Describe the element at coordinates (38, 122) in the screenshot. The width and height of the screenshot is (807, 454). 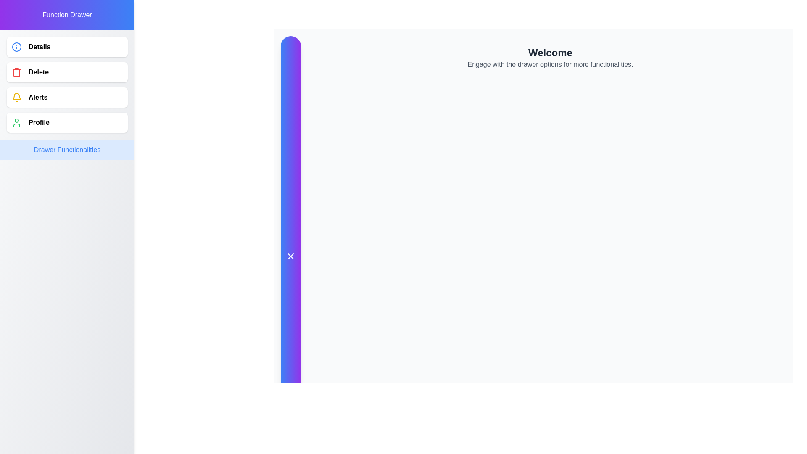
I see `the 'Profile' Text label in the side navigation drawer, which is the fourth item in the list, positioned between 'Alerts' and 'Drawer Functionalities'` at that location.